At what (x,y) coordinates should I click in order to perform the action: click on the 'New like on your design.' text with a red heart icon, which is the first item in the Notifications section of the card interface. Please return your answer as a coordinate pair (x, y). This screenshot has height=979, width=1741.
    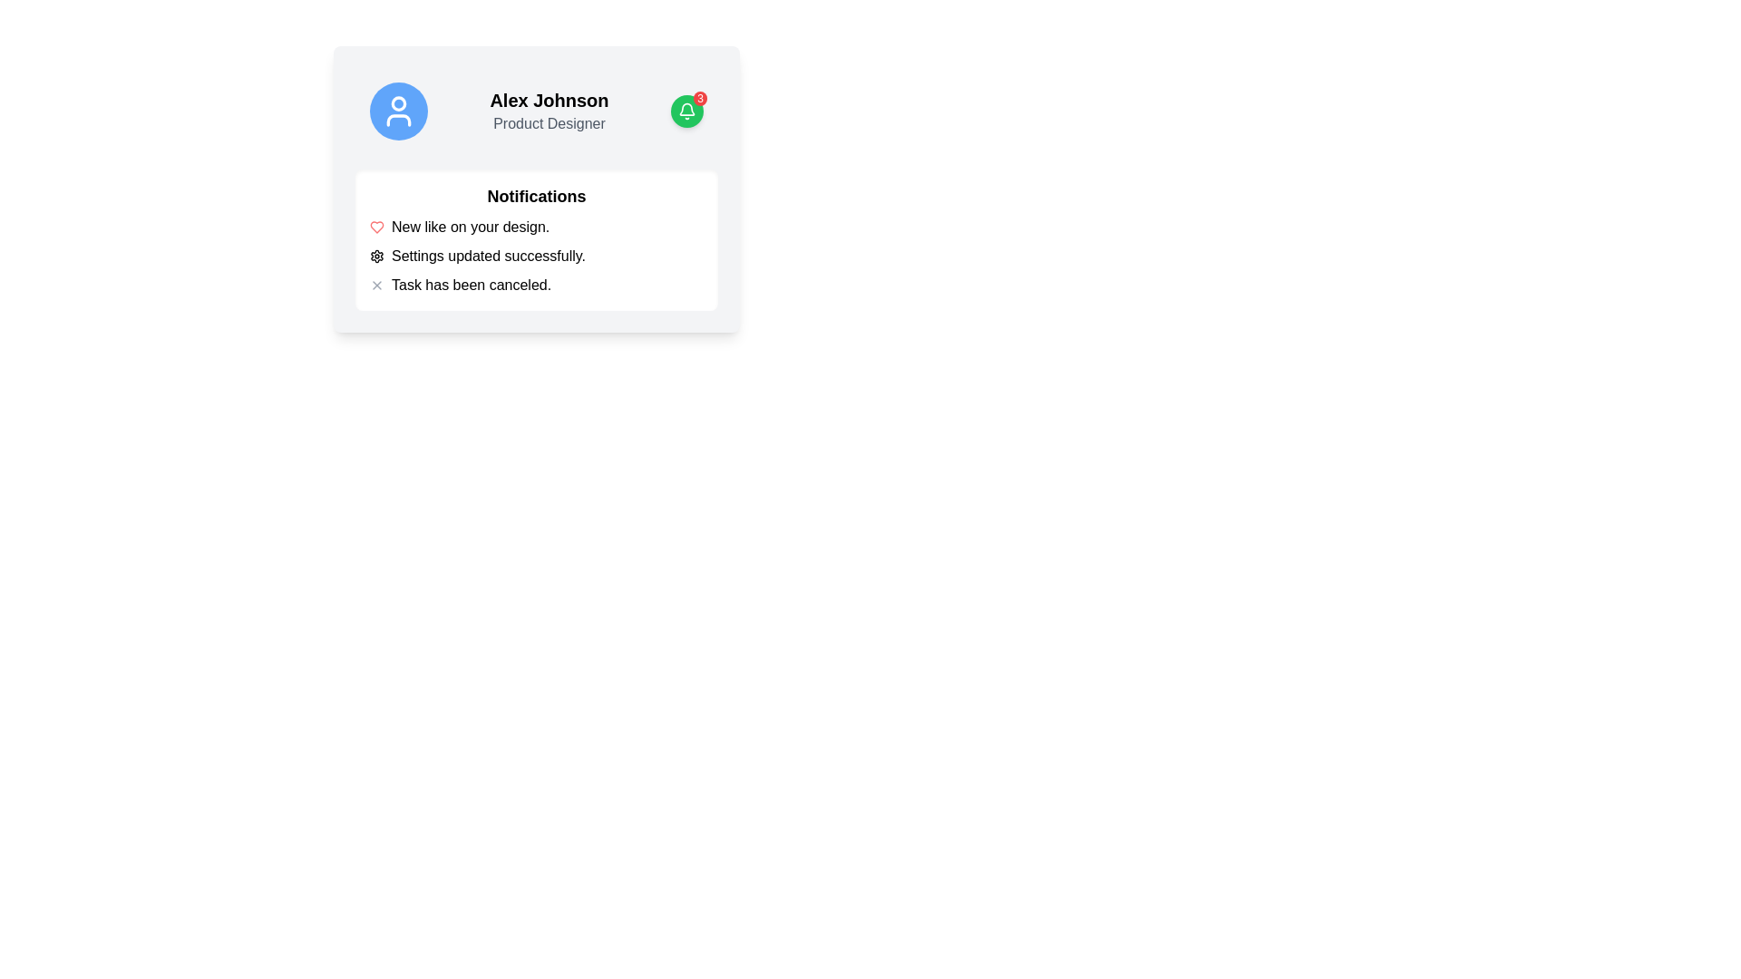
    Looking at the image, I should click on (535, 226).